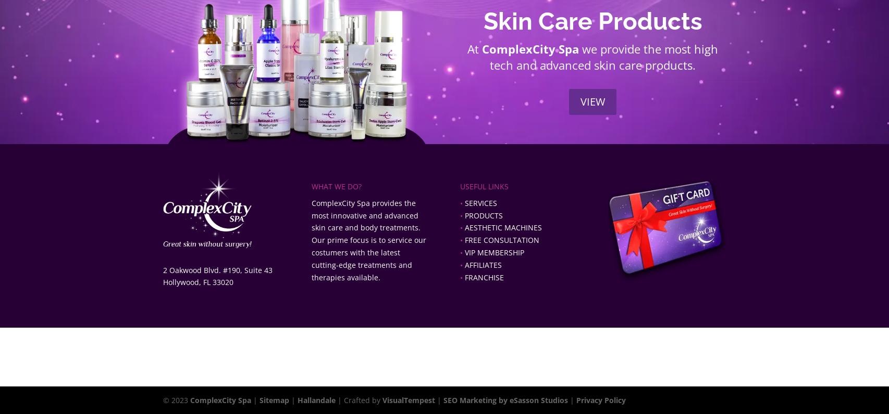  I want to click on 'VisualTempest', so click(381, 400).